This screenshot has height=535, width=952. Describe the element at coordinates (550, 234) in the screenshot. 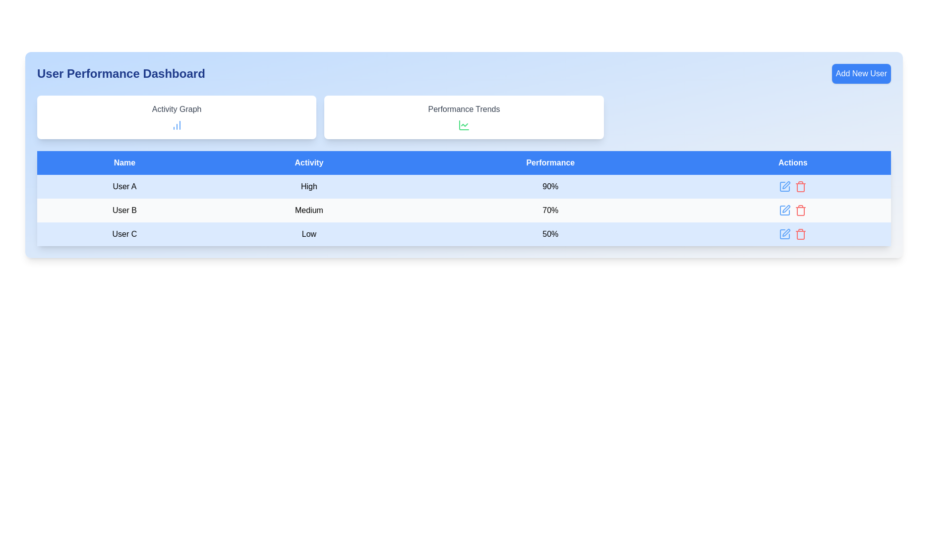

I see `the text element displaying '50%' in bold, located in the 'Performance' column of the third row corresponding to 'User C'` at that location.